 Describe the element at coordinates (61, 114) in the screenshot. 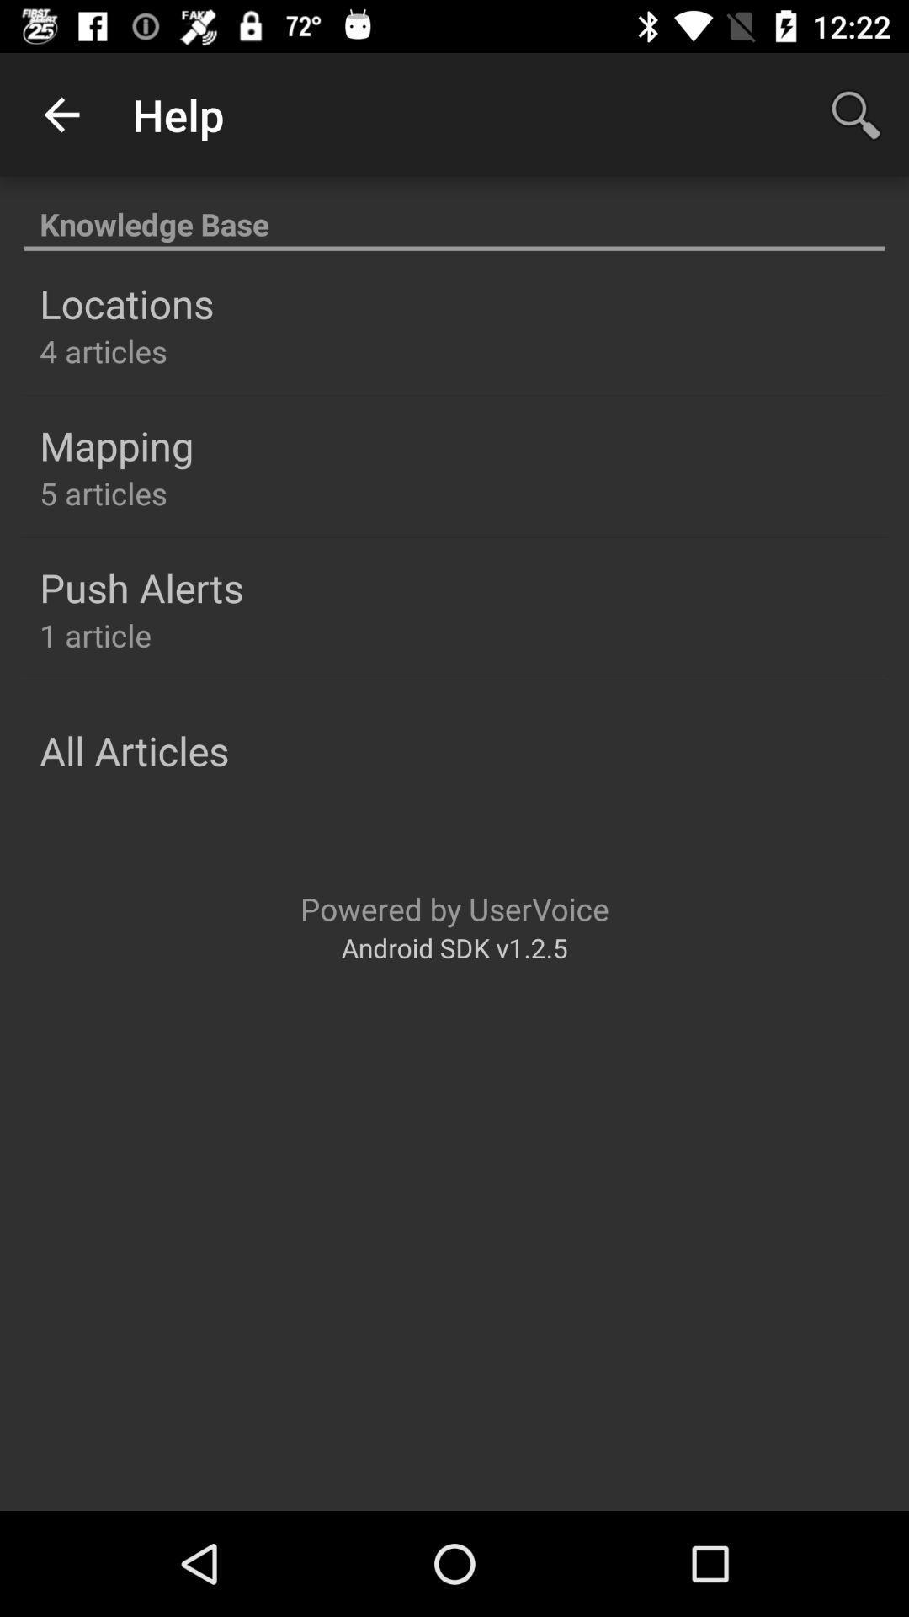

I see `item above the knowledge base item` at that location.